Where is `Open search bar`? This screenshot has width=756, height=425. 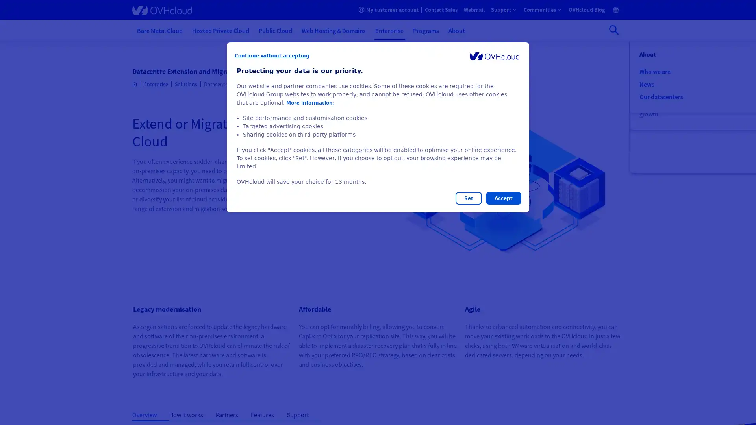 Open search bar is located at coordinates (613, 30).